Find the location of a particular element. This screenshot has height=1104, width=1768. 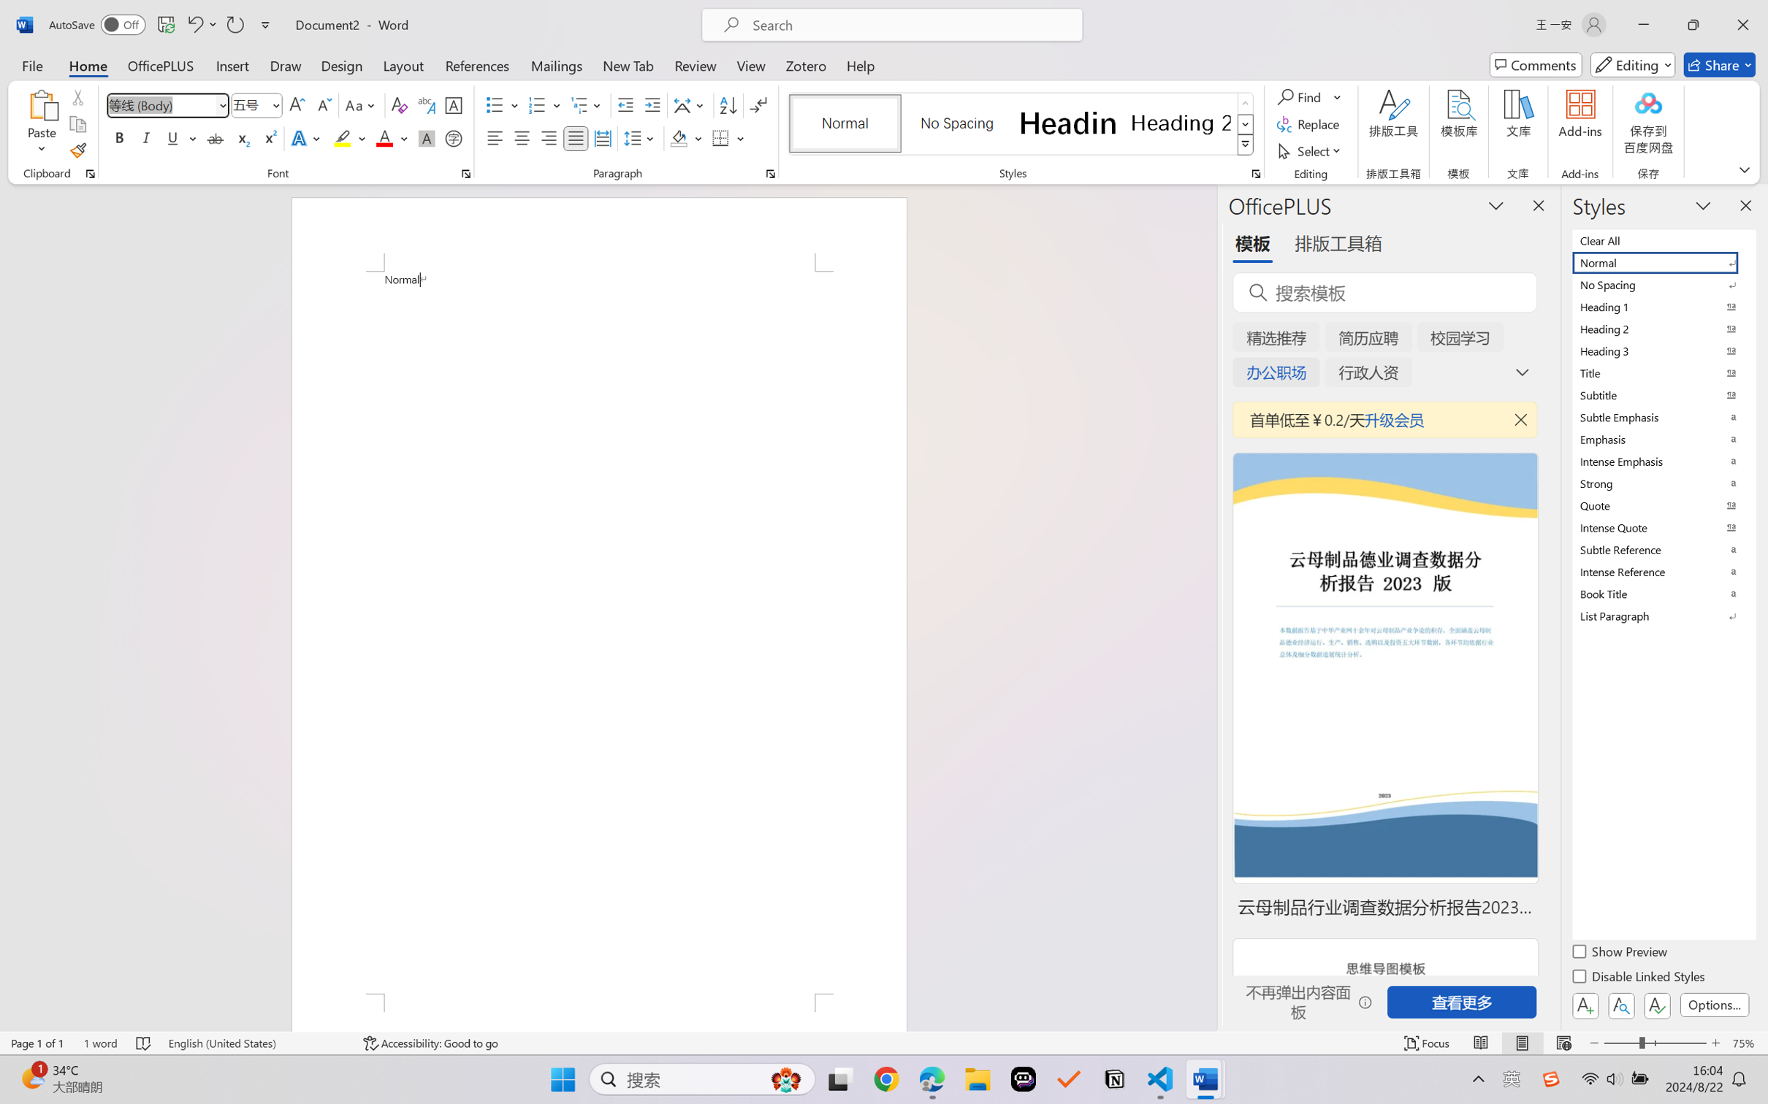

'Borders' is located at coordinates (728, 137).